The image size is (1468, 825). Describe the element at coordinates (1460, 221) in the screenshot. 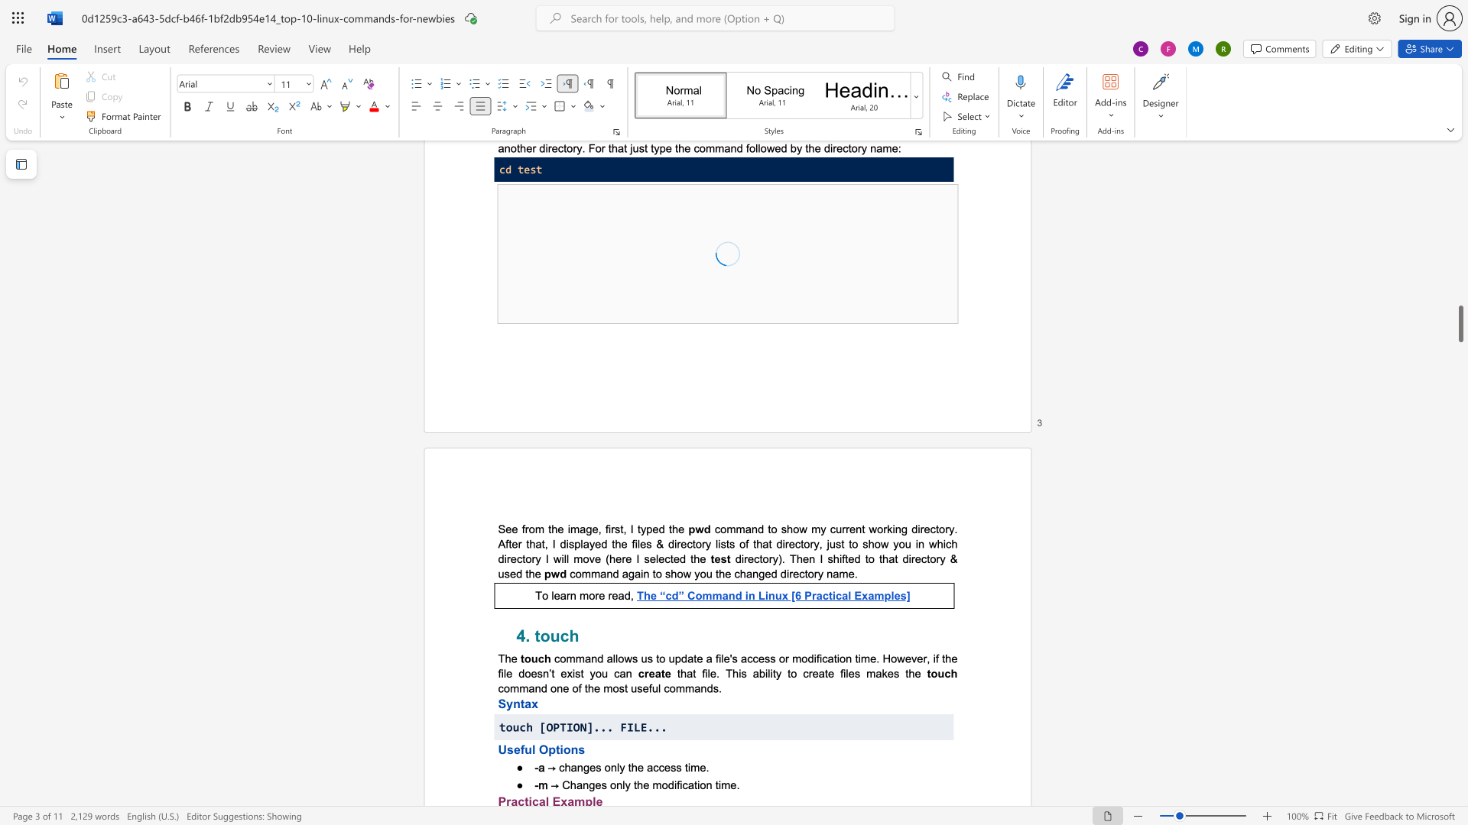

I see `the scrollbar on the right to shift the page higher` at that location.